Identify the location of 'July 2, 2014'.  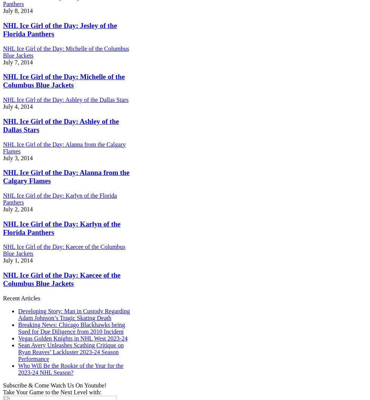
(18, 209).